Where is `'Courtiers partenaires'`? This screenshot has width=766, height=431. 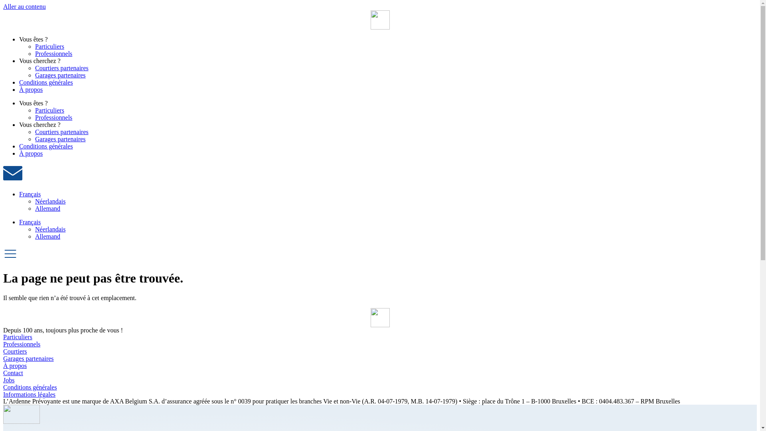
'Courtiers partenaires' is located at coordinates (34, 67).